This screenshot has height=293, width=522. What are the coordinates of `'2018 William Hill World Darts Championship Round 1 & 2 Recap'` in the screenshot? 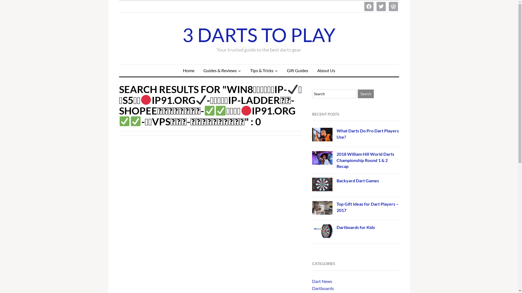 It's located at (365, 160).